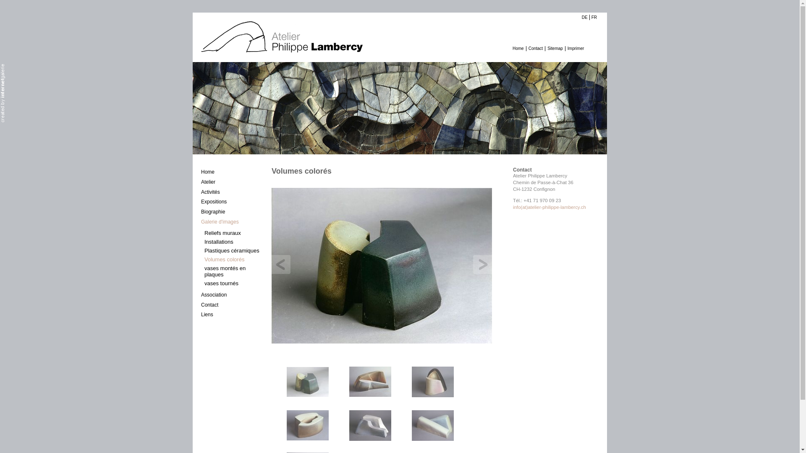 This screenshot has height=453, width=806. Describe the element at coordinates (550, 207) in the screenshot. I see `'info(at)atelier-philippe-lambercy.ch'` at that location.